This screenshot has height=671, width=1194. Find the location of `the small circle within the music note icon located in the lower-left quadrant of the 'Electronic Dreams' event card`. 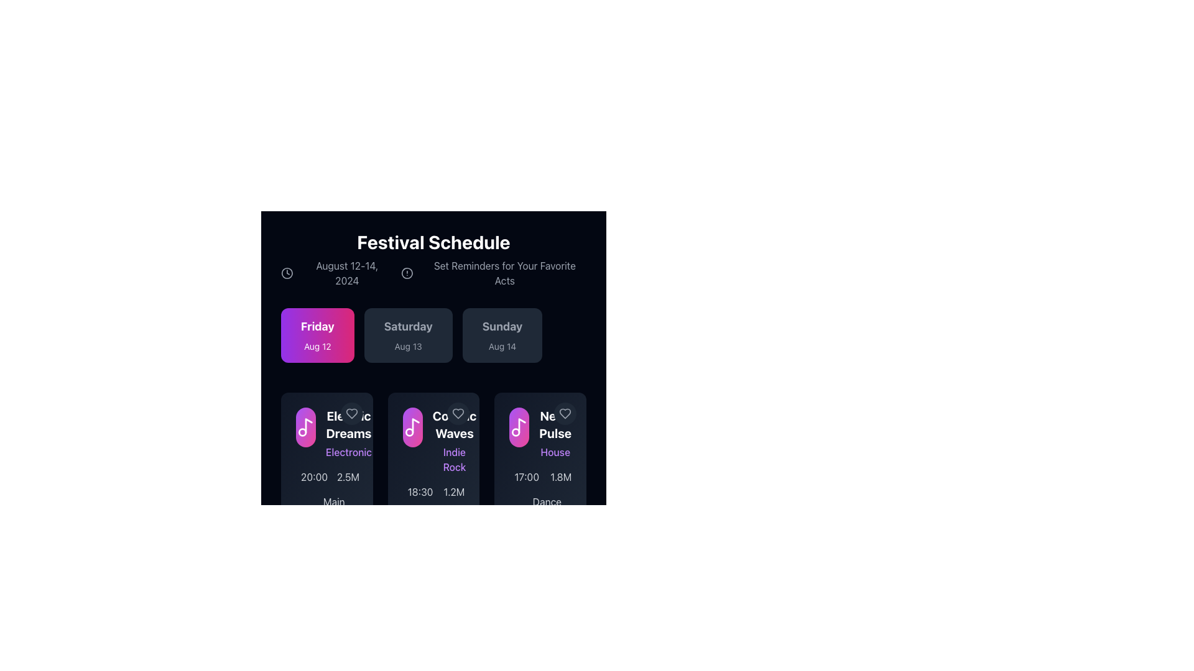

the small circle within the music note icon located in the lower-left quadrant of the 'Electronic Dreams' event card is located at coordinates (302, 431).